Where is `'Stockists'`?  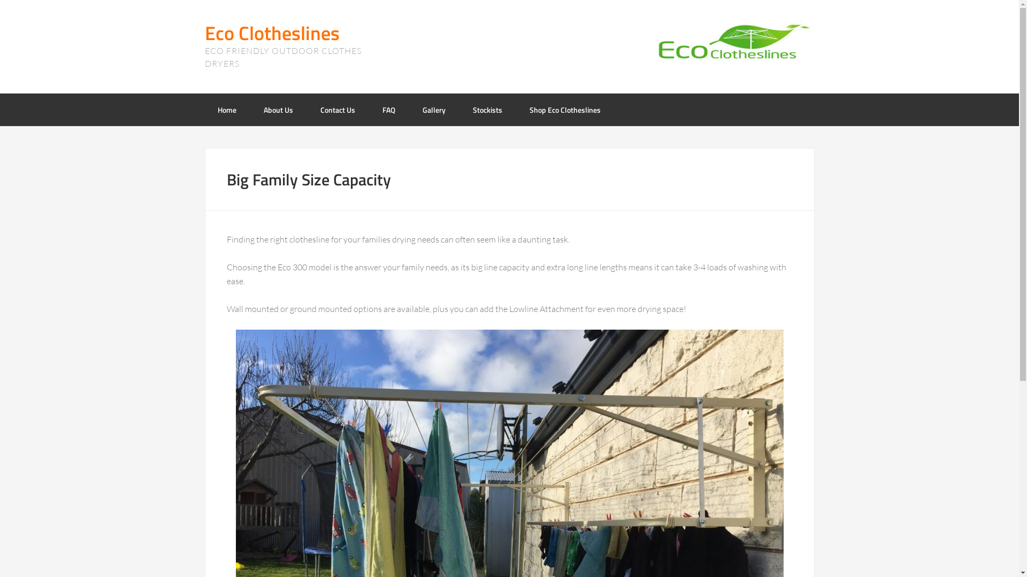
'Stockists' is located at coordinates (487, 110).